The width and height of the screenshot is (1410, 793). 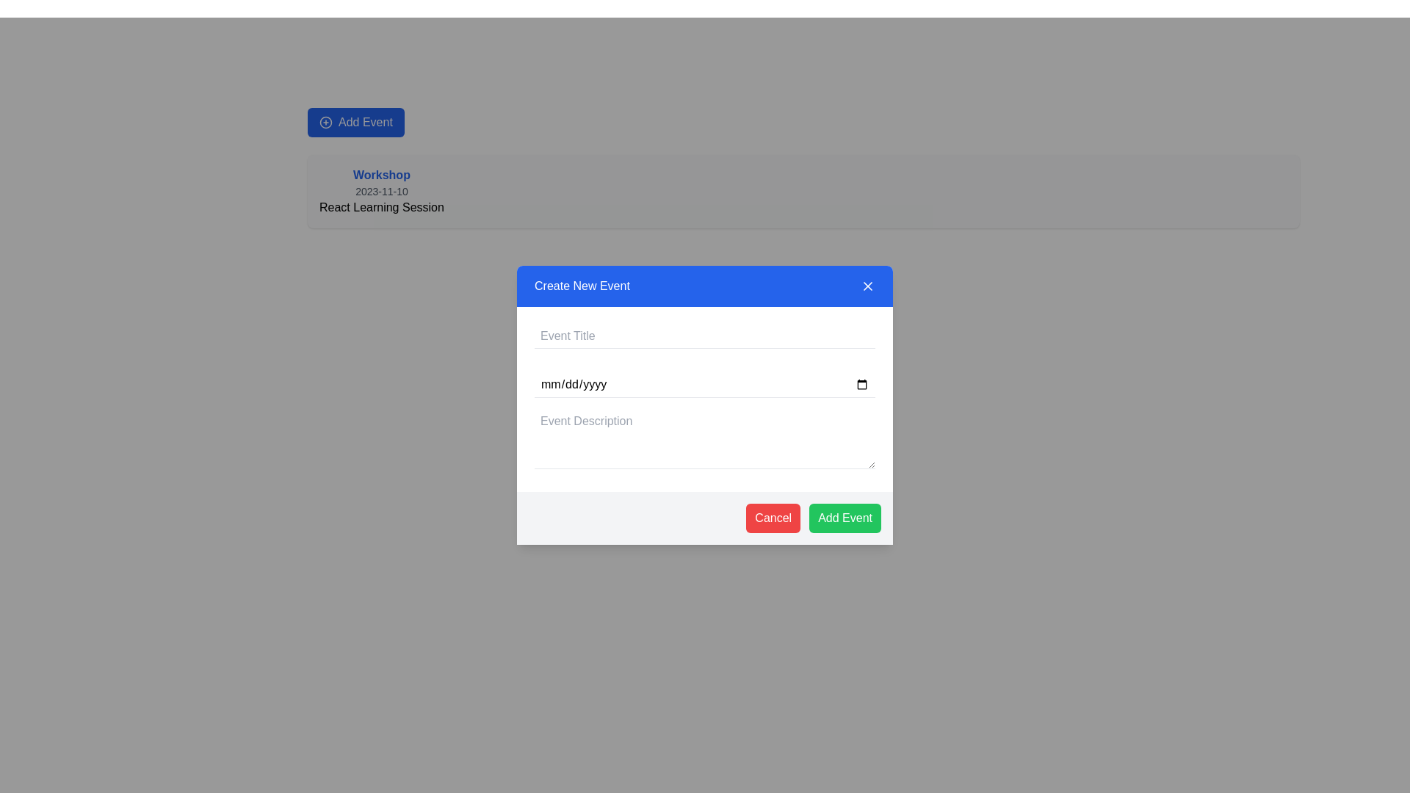 What do you see at coordinates (845, 517) in the screenshot?
I see `the confirm button located to the right of the red 'Cancel' button within a gray background area` at bounding box center [845, 517].